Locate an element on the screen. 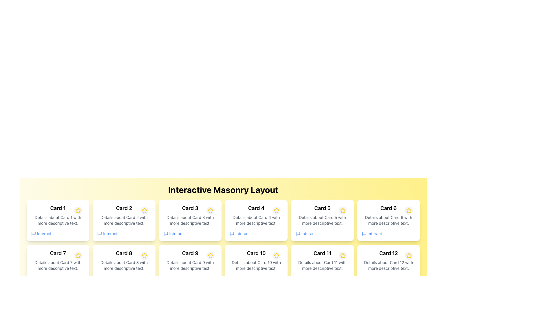 The height and width of the screenshot is (312, 556). the star icon in the top-right corner of 'Card 12' is located at coordinates (408, 255).